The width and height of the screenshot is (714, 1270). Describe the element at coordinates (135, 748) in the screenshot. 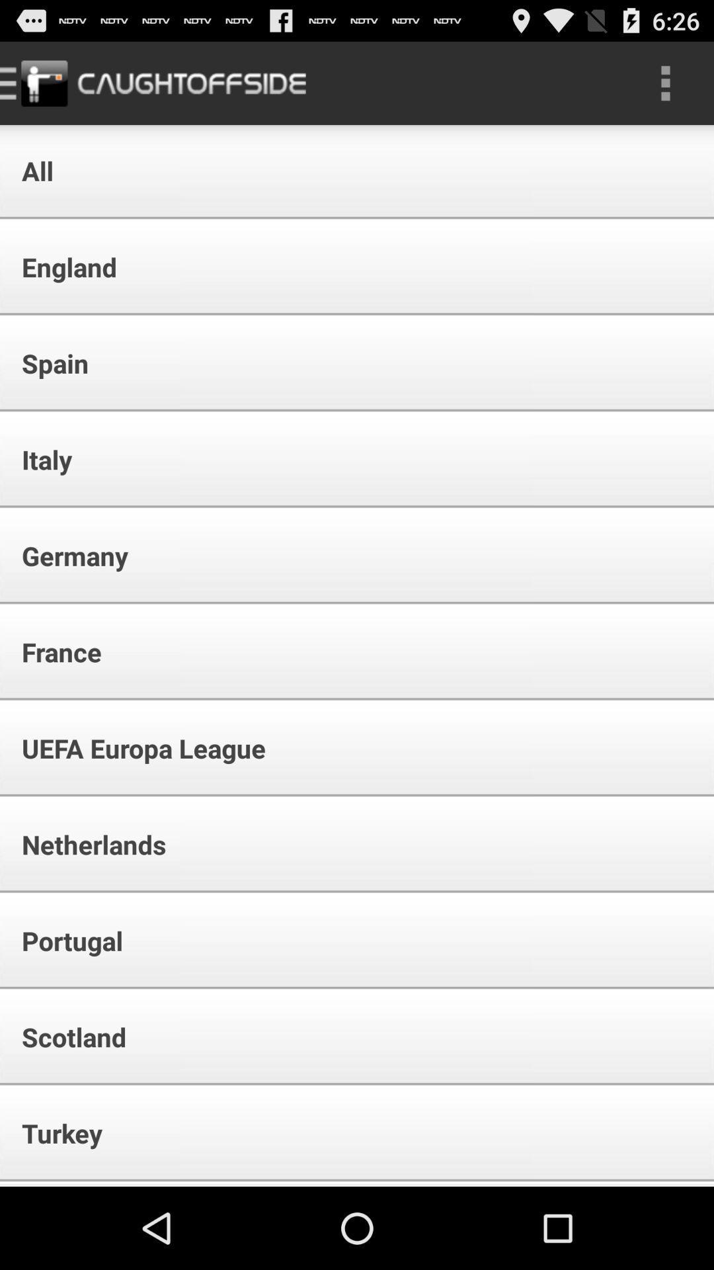

I see `the uefa europa league icon` at that location.